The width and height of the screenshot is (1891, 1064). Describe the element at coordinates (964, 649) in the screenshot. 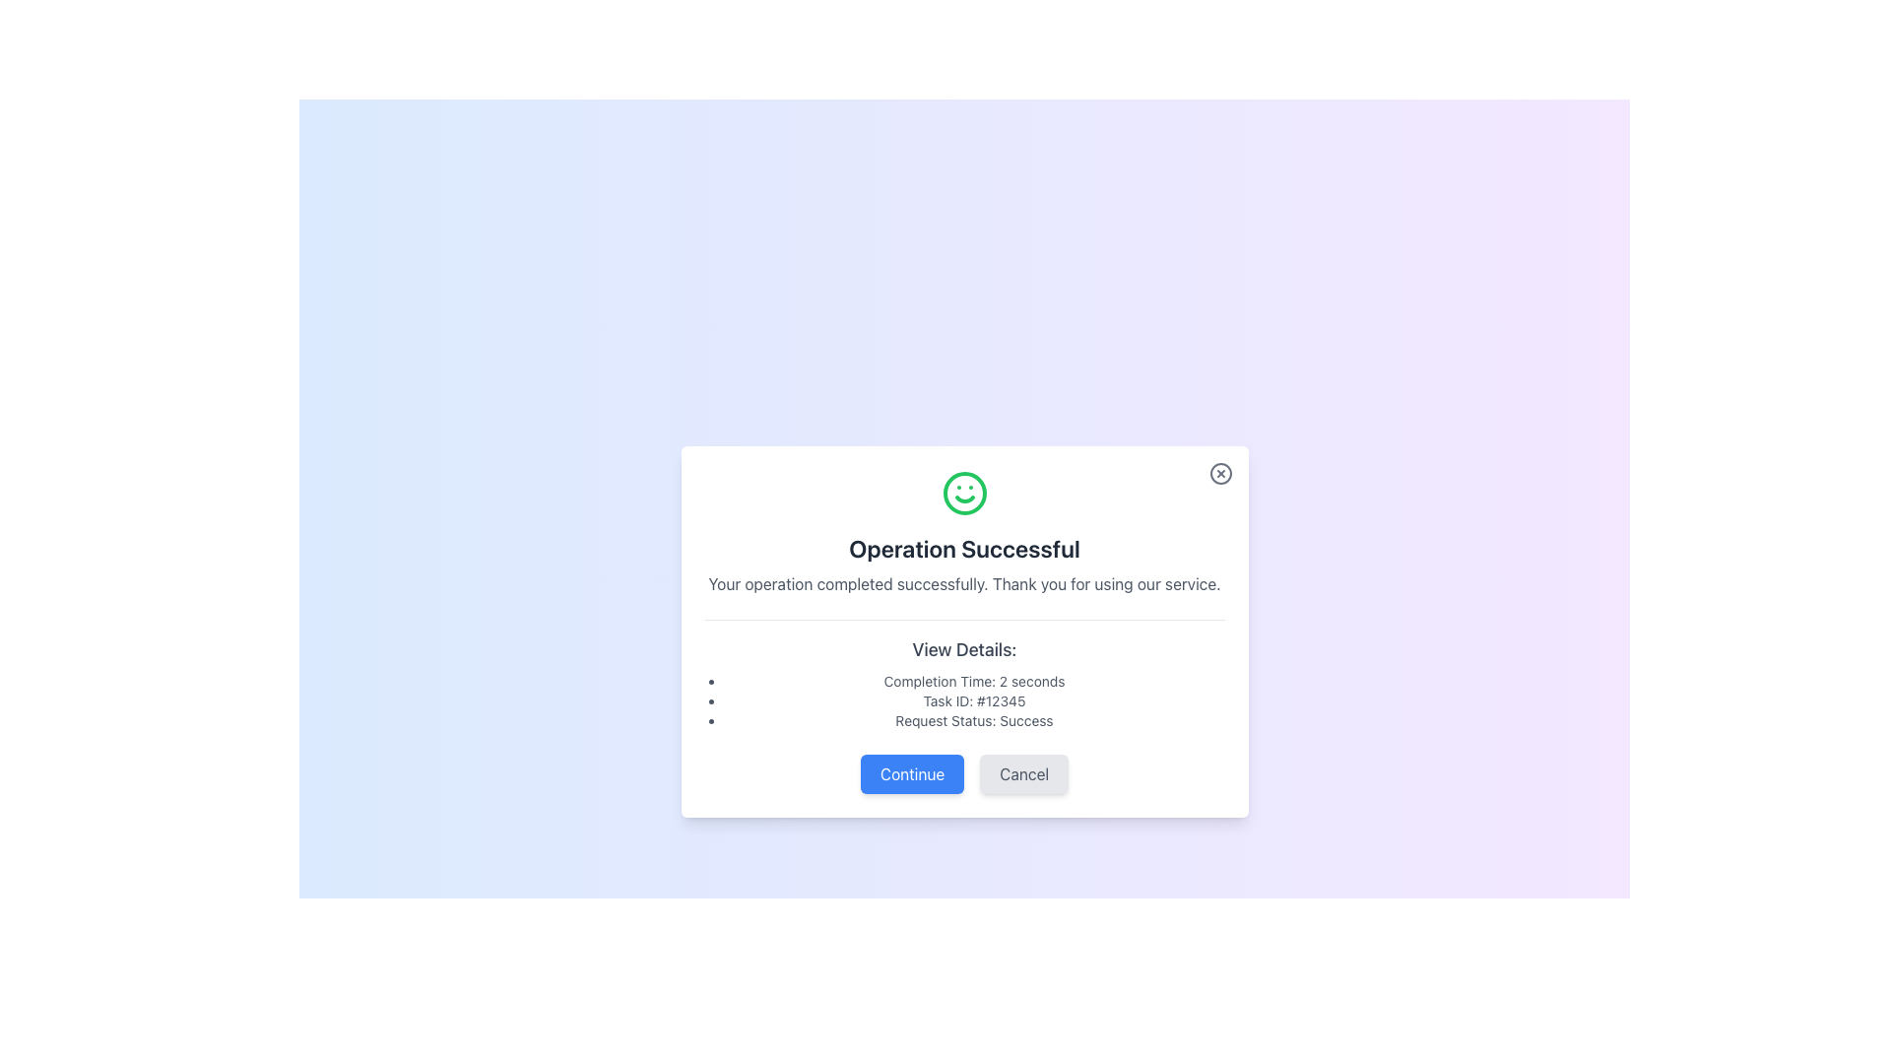

I see `the text label positioned at the center of the dialog box, which serves as a heading above the bulleted list` at that location.